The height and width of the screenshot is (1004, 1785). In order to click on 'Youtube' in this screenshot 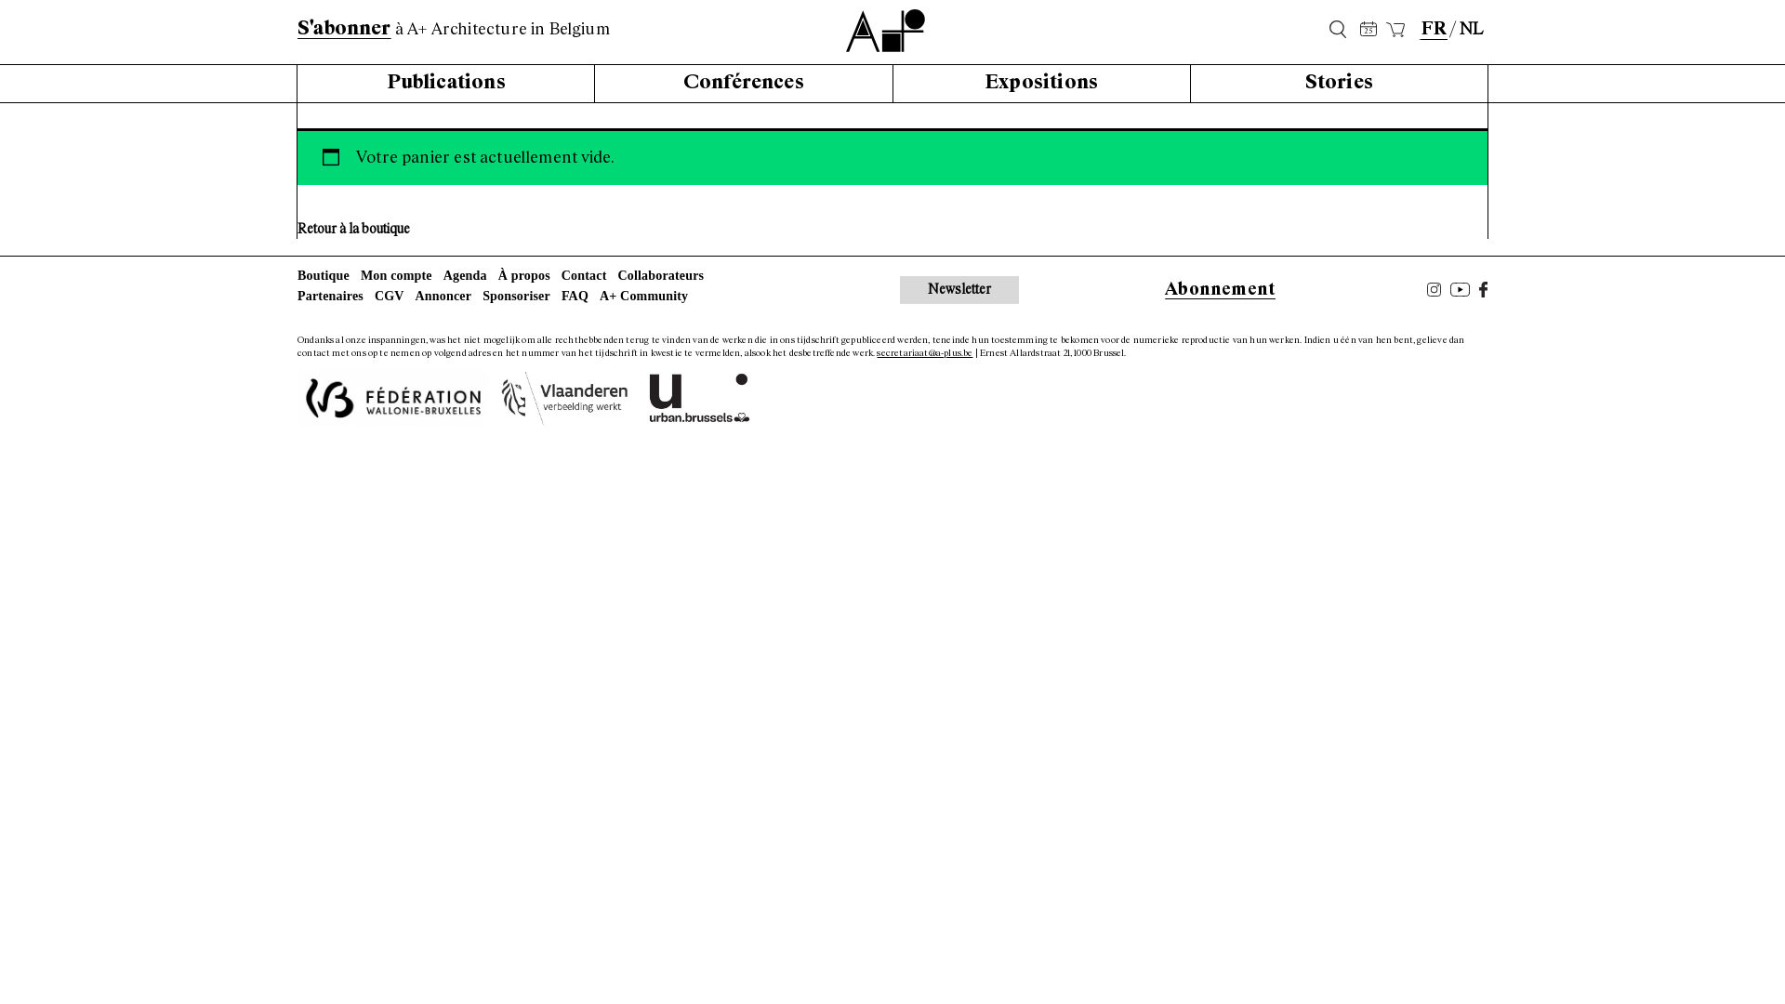, I will do `click(1459, 289)`.